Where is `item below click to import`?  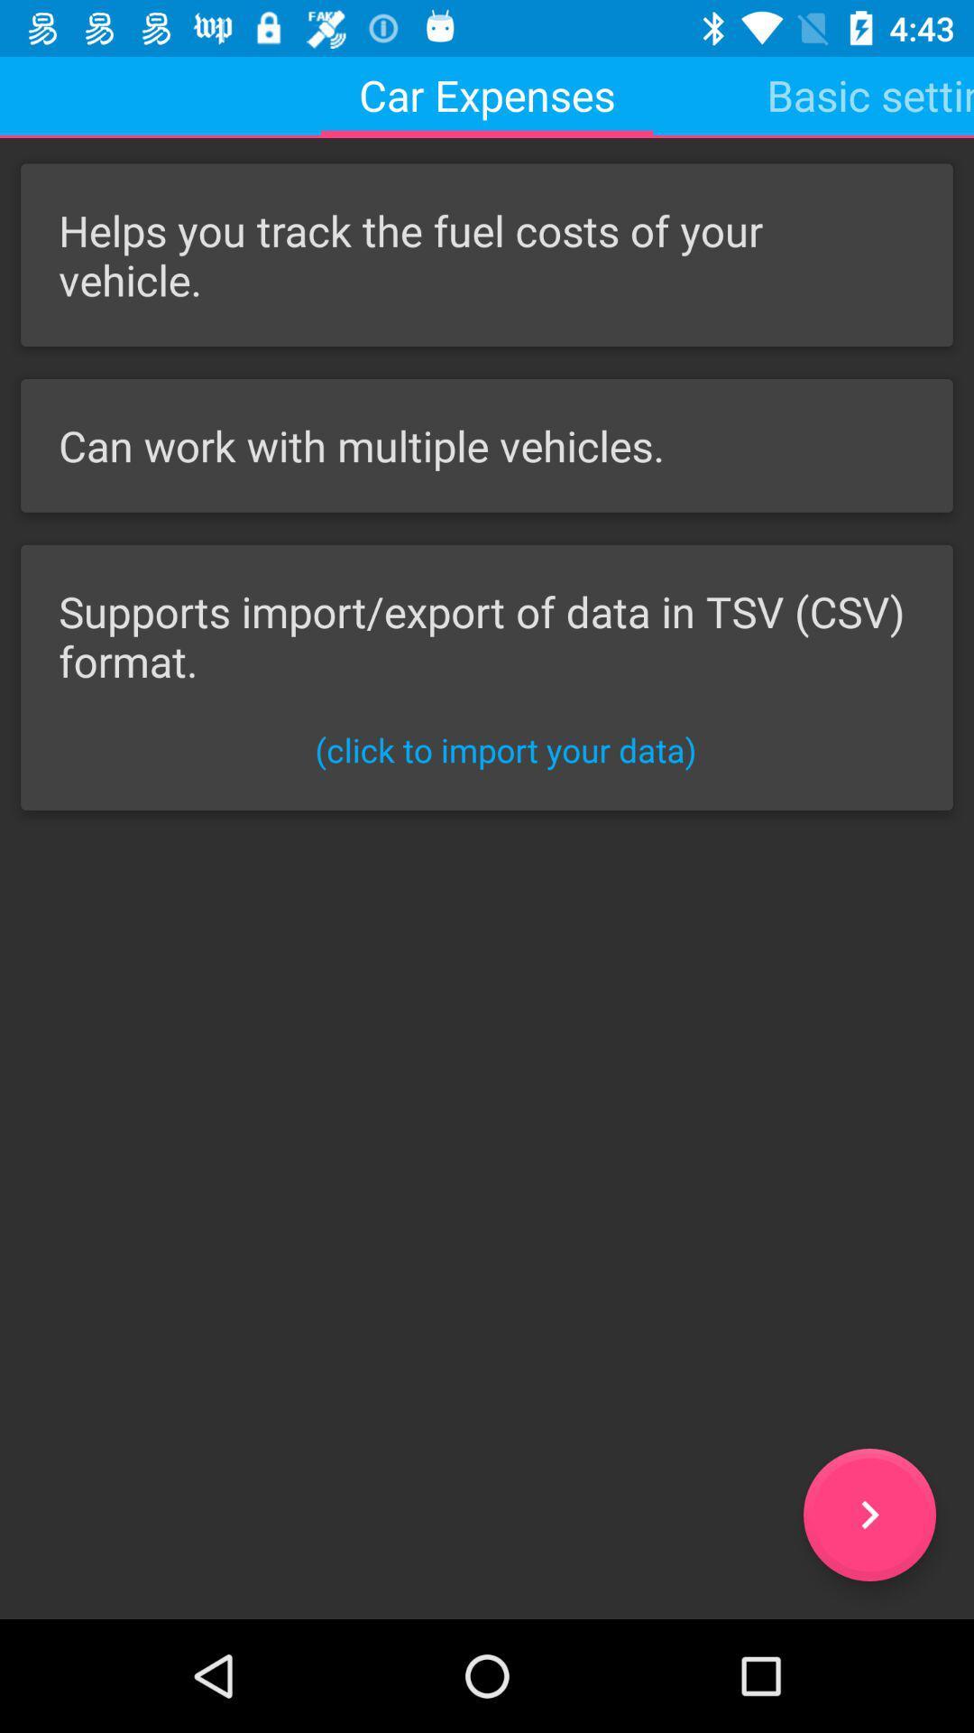 item below click to import is located at coordinates (868, 1515).